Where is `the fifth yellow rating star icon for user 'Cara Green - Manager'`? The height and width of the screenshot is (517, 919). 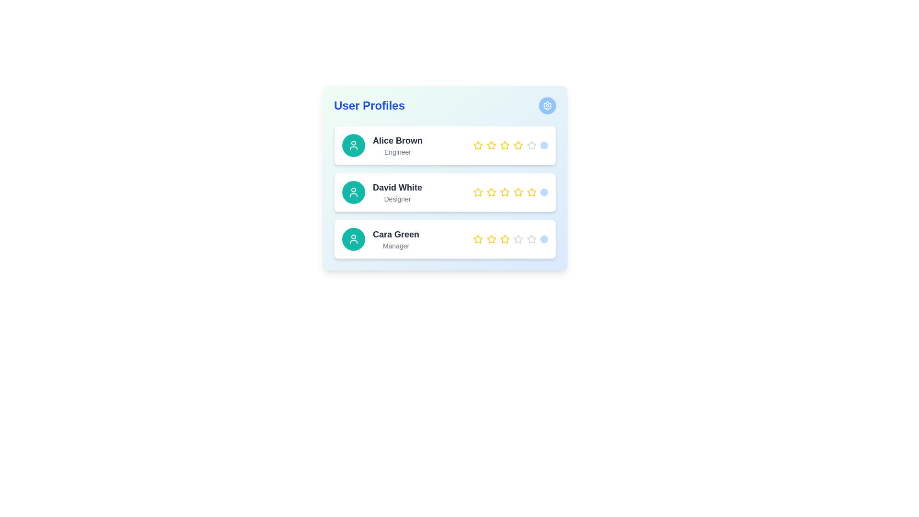 the fifth yellow rating star icon for user 'Cara Green - Manager' is located at coordinates (504, 239).